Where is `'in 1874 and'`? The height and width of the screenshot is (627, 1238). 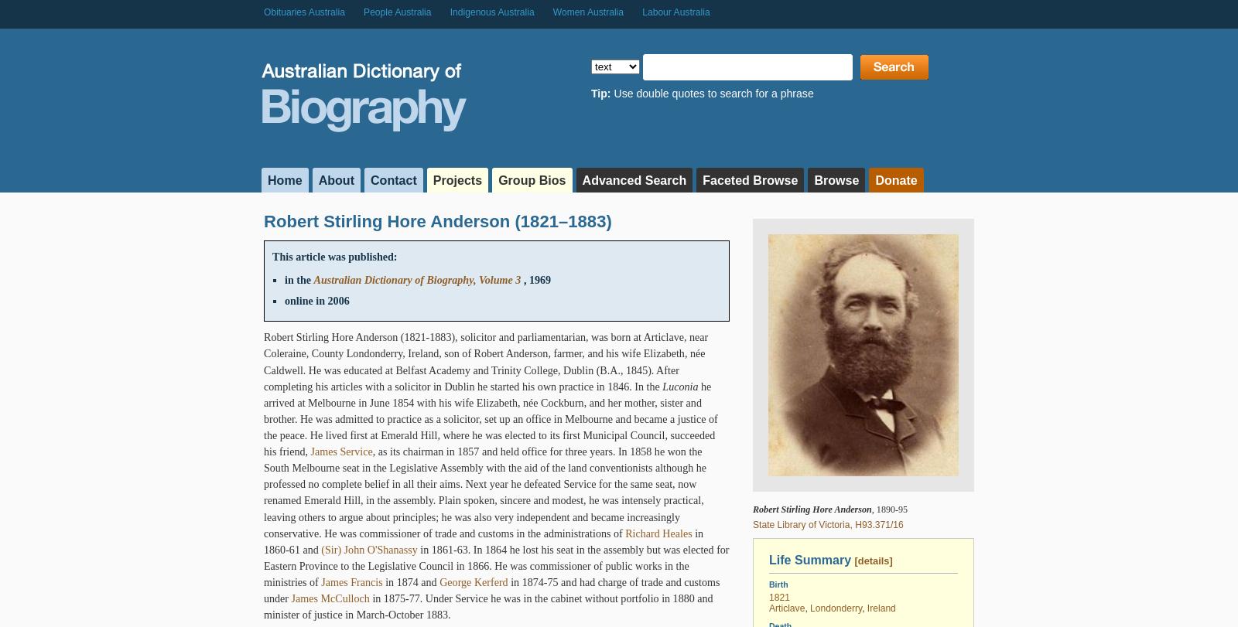
'in 1874 and' is located at coordinates (410, 581).